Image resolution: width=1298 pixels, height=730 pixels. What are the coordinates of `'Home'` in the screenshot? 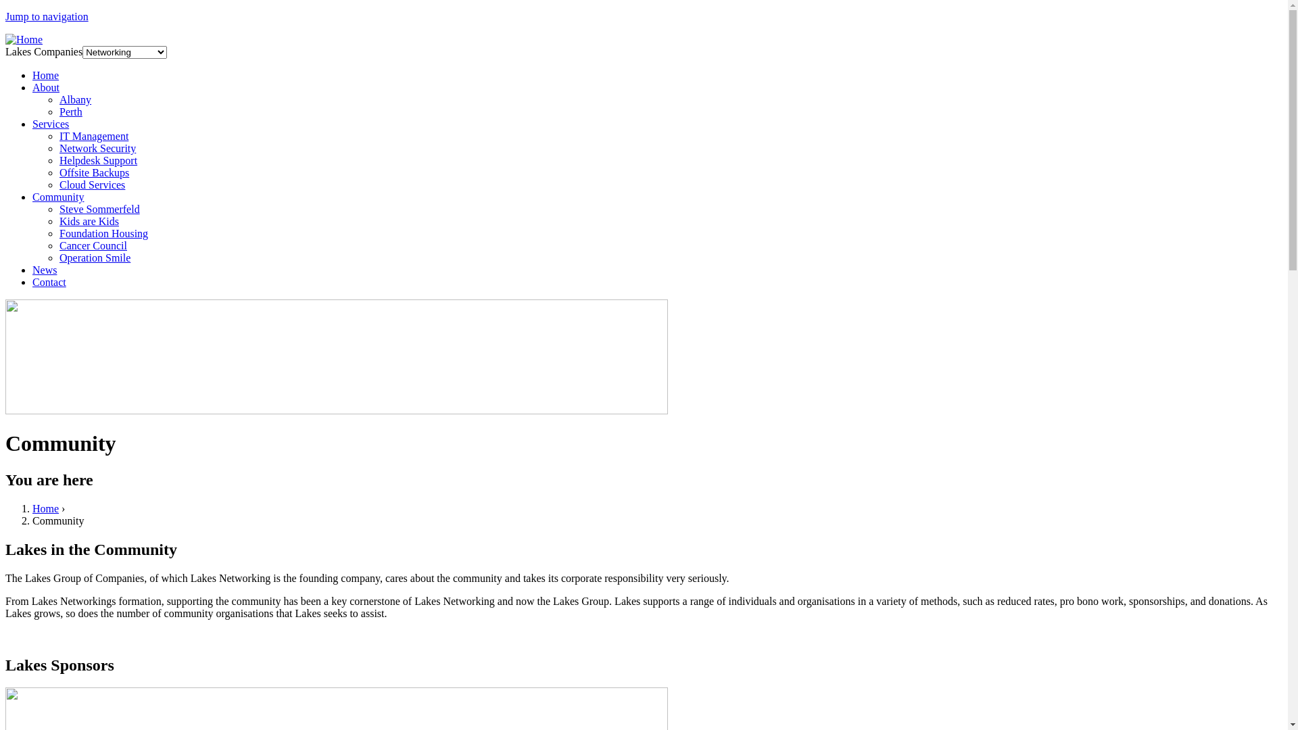 It's located at (45, 508).